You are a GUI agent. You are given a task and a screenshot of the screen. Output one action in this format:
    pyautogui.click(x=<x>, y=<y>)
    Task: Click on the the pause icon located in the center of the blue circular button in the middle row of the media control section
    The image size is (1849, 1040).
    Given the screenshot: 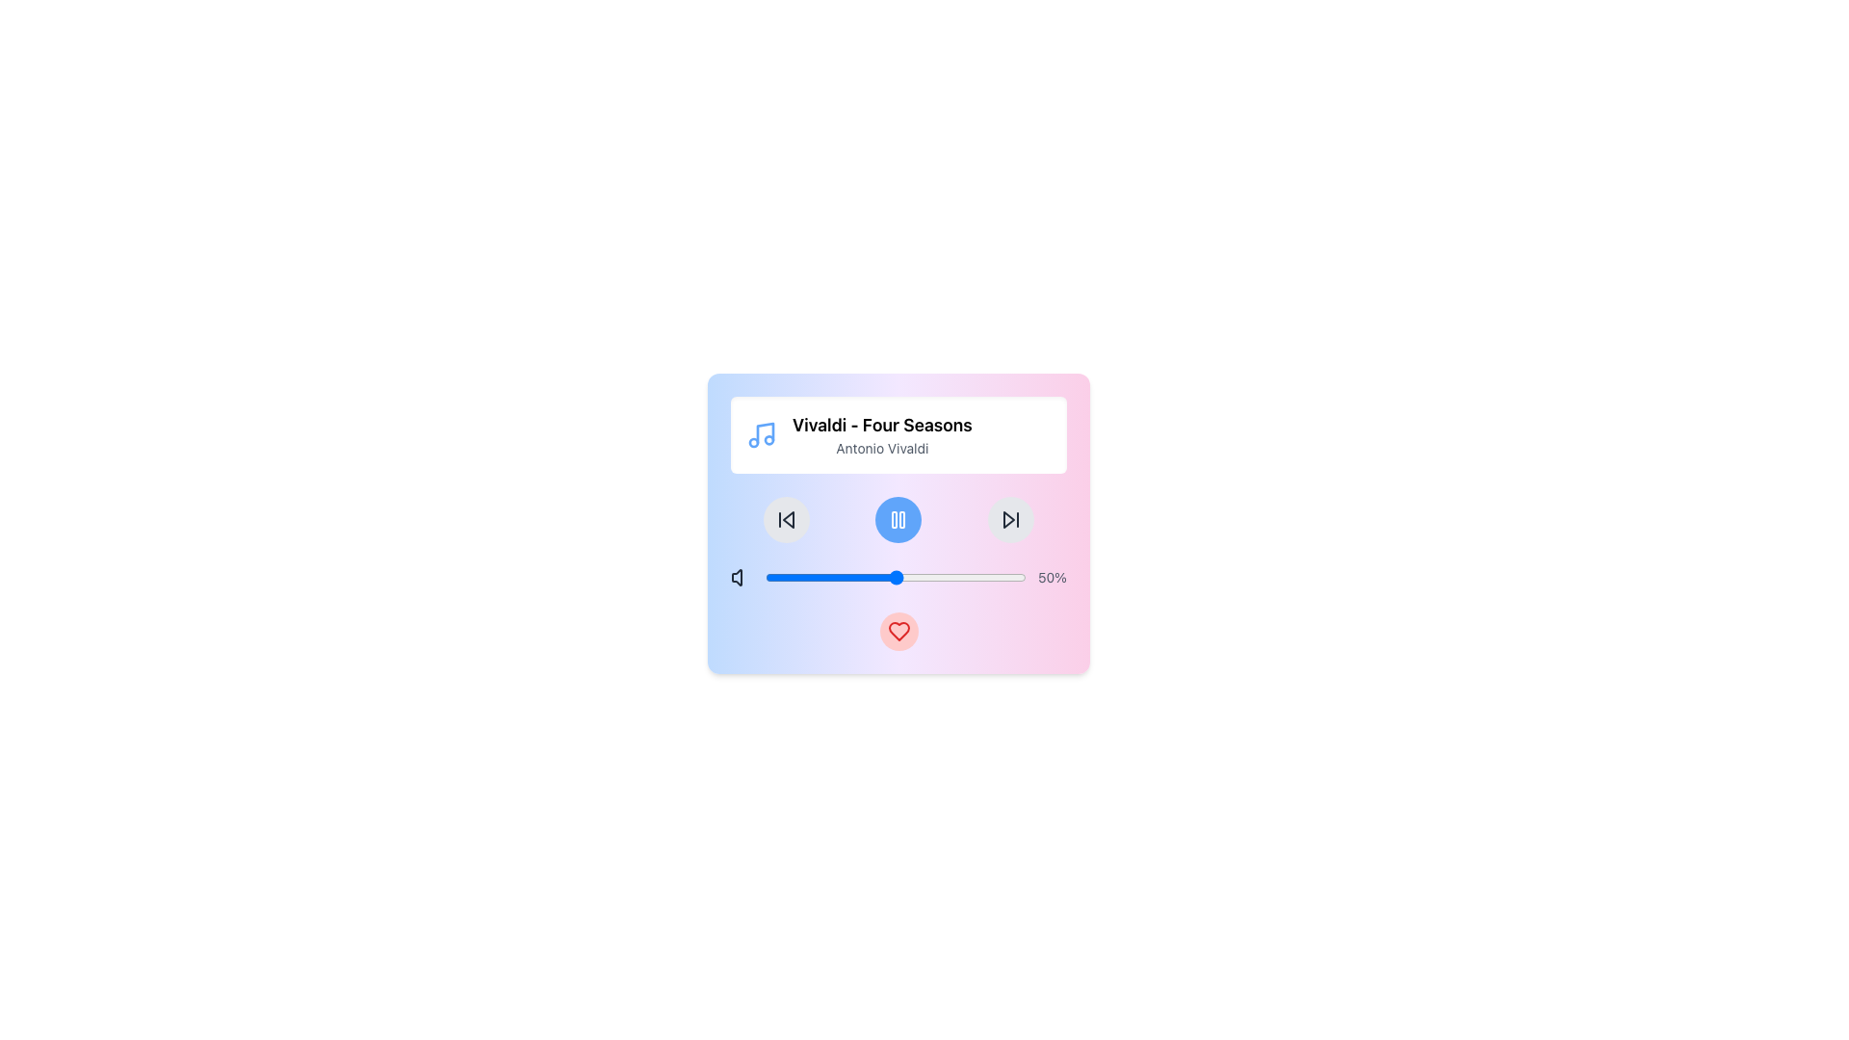 What is the action you would take?
    pyautogui.click(x=898, y=520)
    